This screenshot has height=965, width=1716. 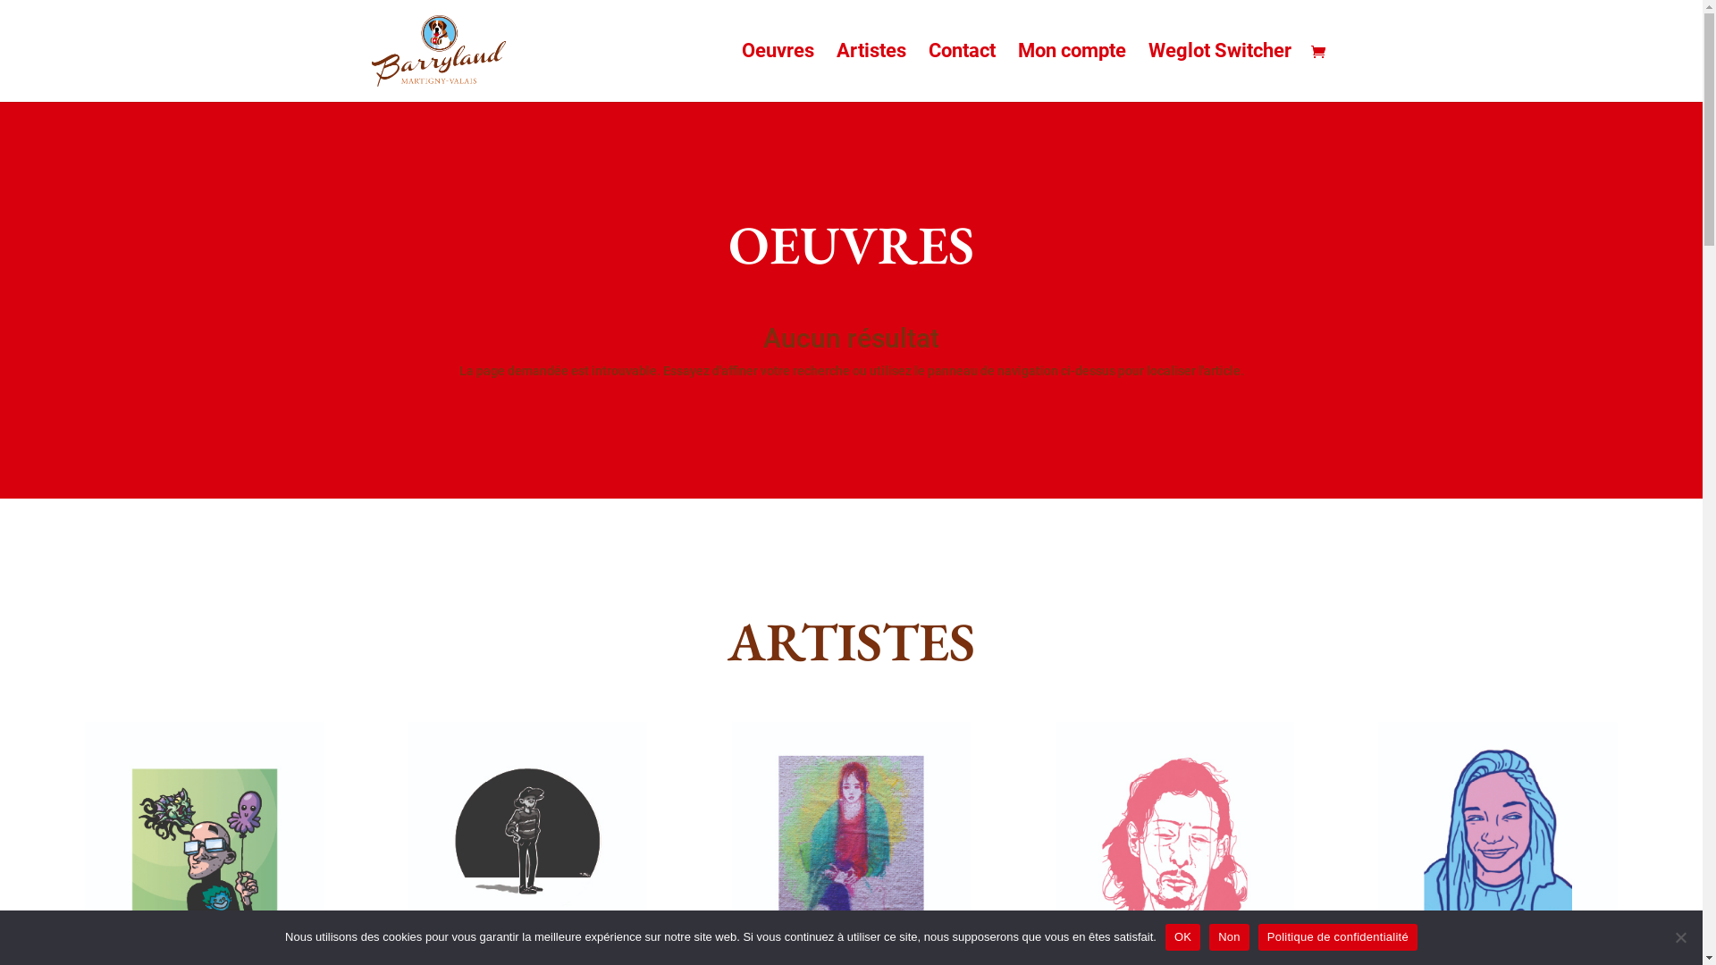 I want to click on 'Contact', so click(x=960, y=71).